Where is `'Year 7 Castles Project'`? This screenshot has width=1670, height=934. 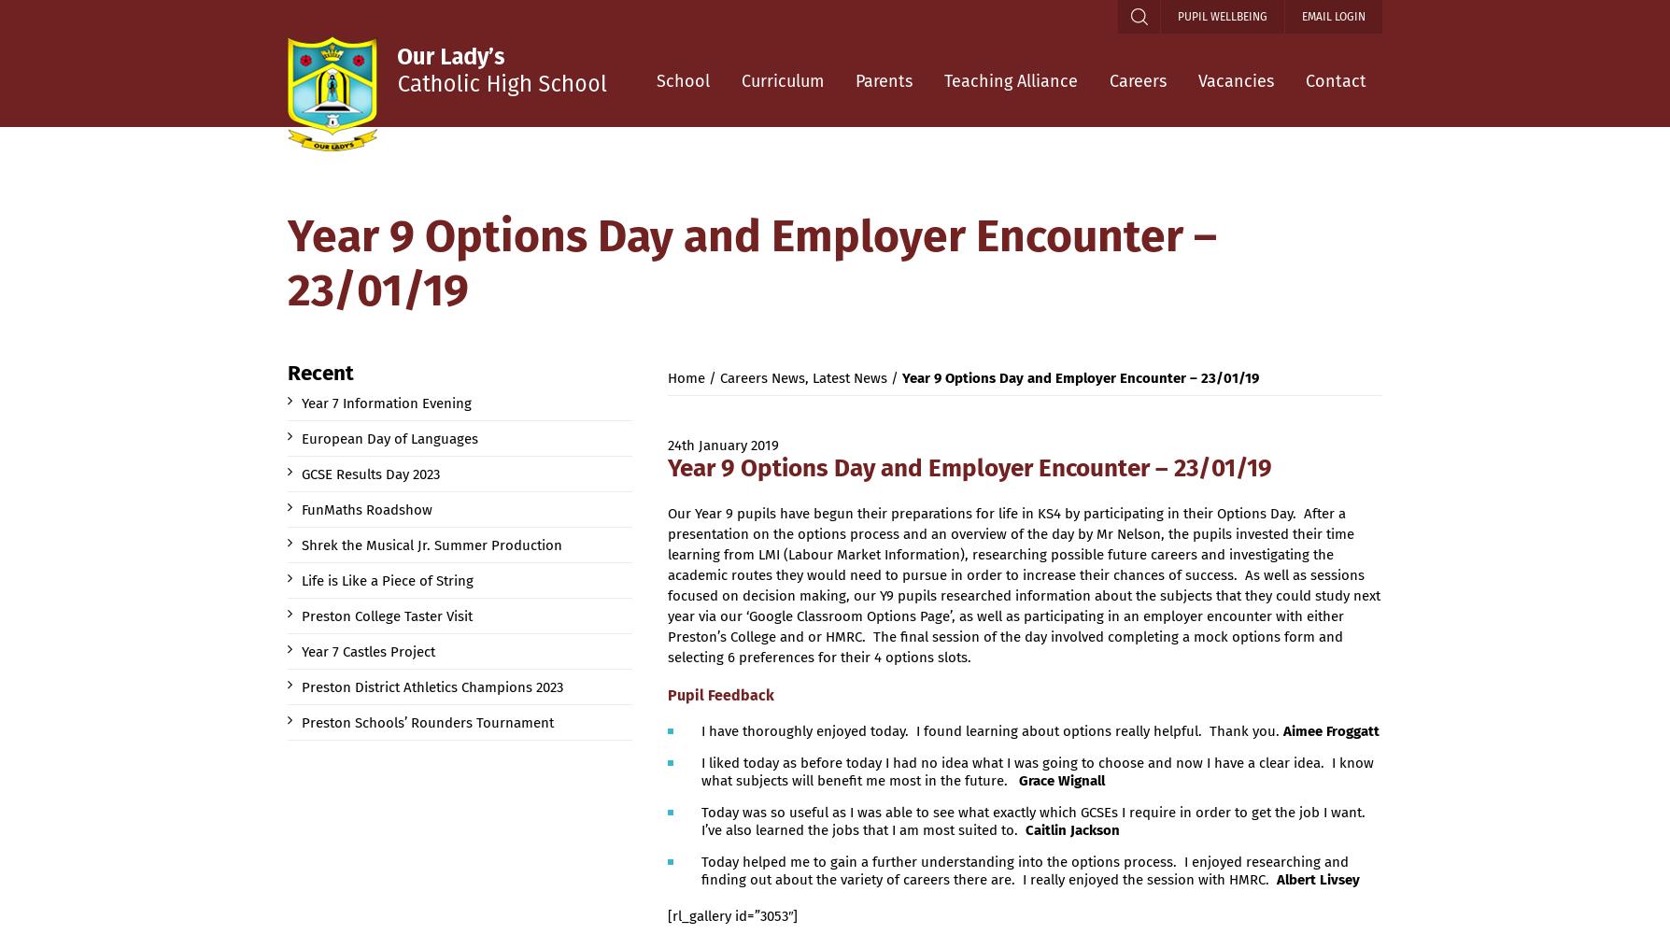
'Year 7 Castles Project' is located at coordinates (367, 651).